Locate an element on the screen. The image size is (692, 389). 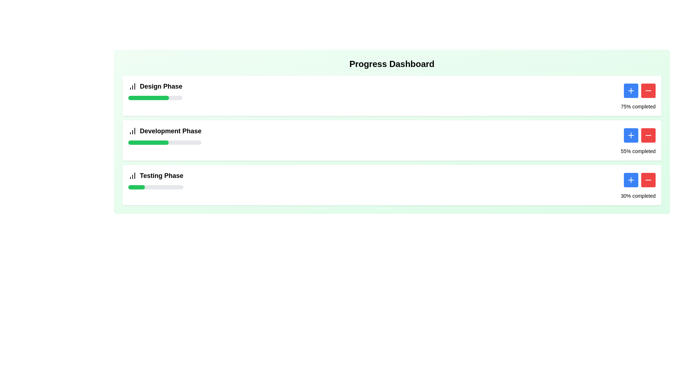
the completion percentage represented by the middle progress bar located below the 'Development Phase' text is located at coordinates (164, 143).